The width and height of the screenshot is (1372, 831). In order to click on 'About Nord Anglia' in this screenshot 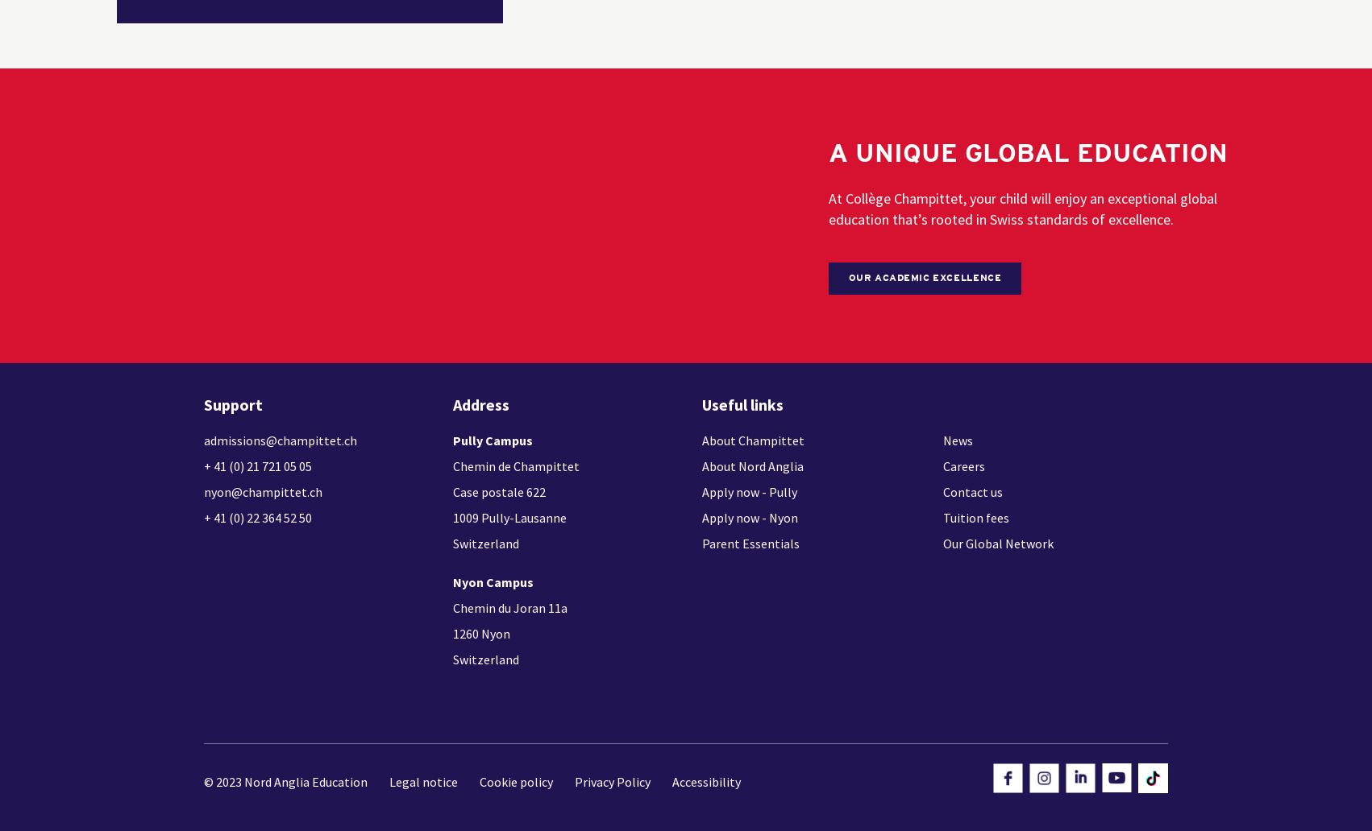, I will do `click(752, 465)`.